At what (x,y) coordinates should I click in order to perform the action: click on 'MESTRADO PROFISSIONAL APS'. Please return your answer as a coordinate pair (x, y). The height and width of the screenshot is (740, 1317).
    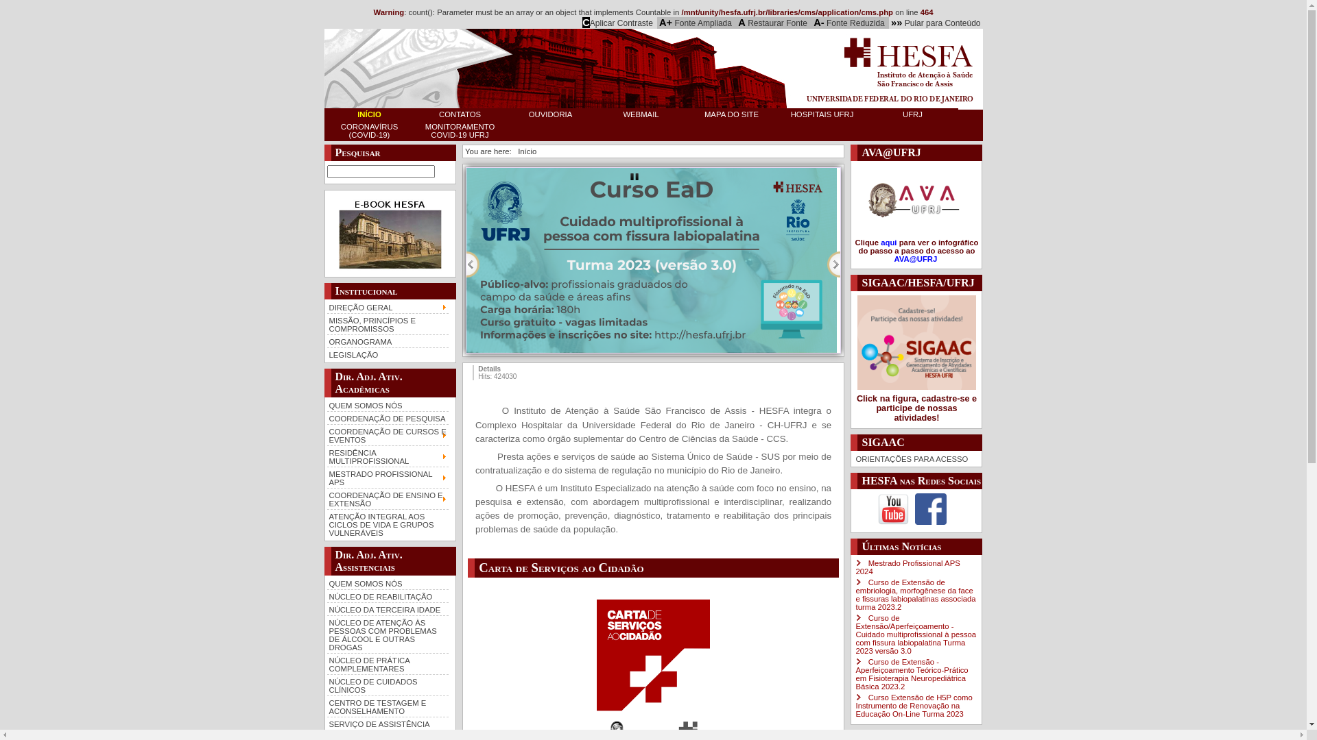
    Looking at the image, I should click on (387, 476).